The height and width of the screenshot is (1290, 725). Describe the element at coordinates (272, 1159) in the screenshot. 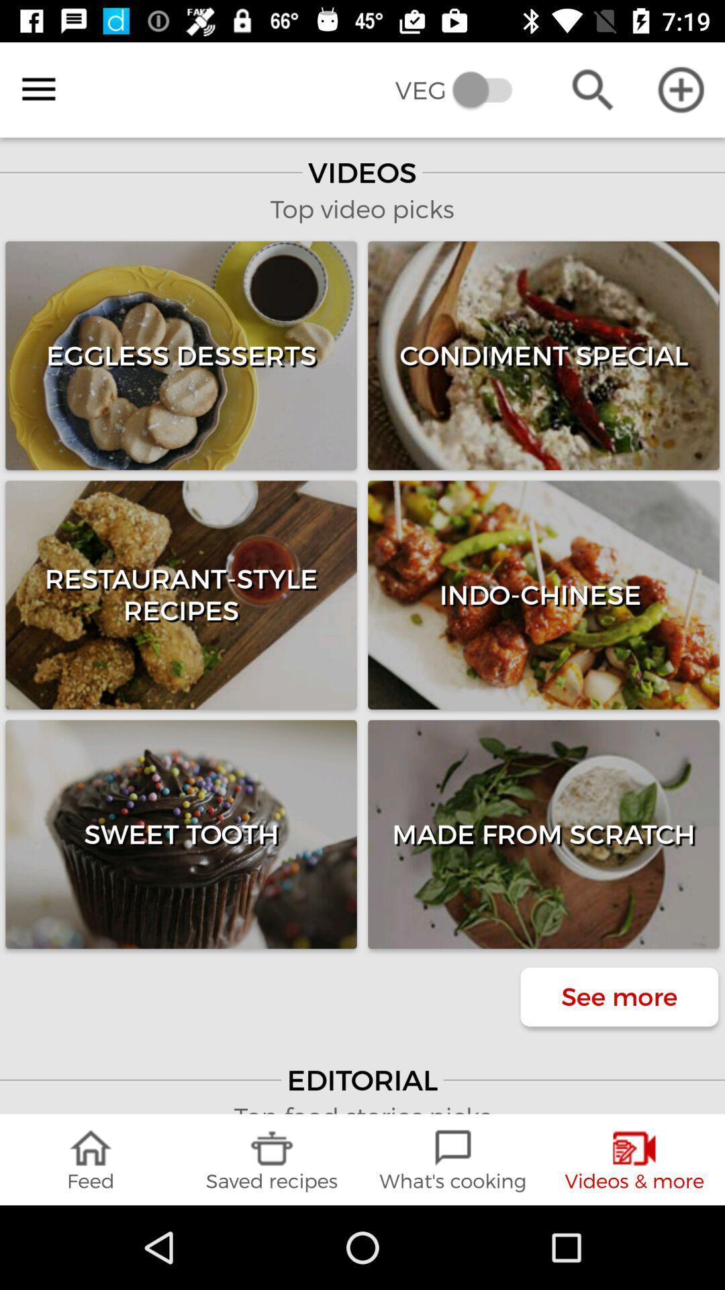

I see `the icon next to the what's cooking item` at that location.